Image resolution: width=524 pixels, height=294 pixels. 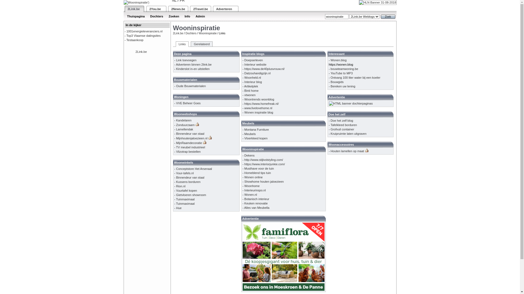 I want to click on 'Links', so click(x=182, y=44).